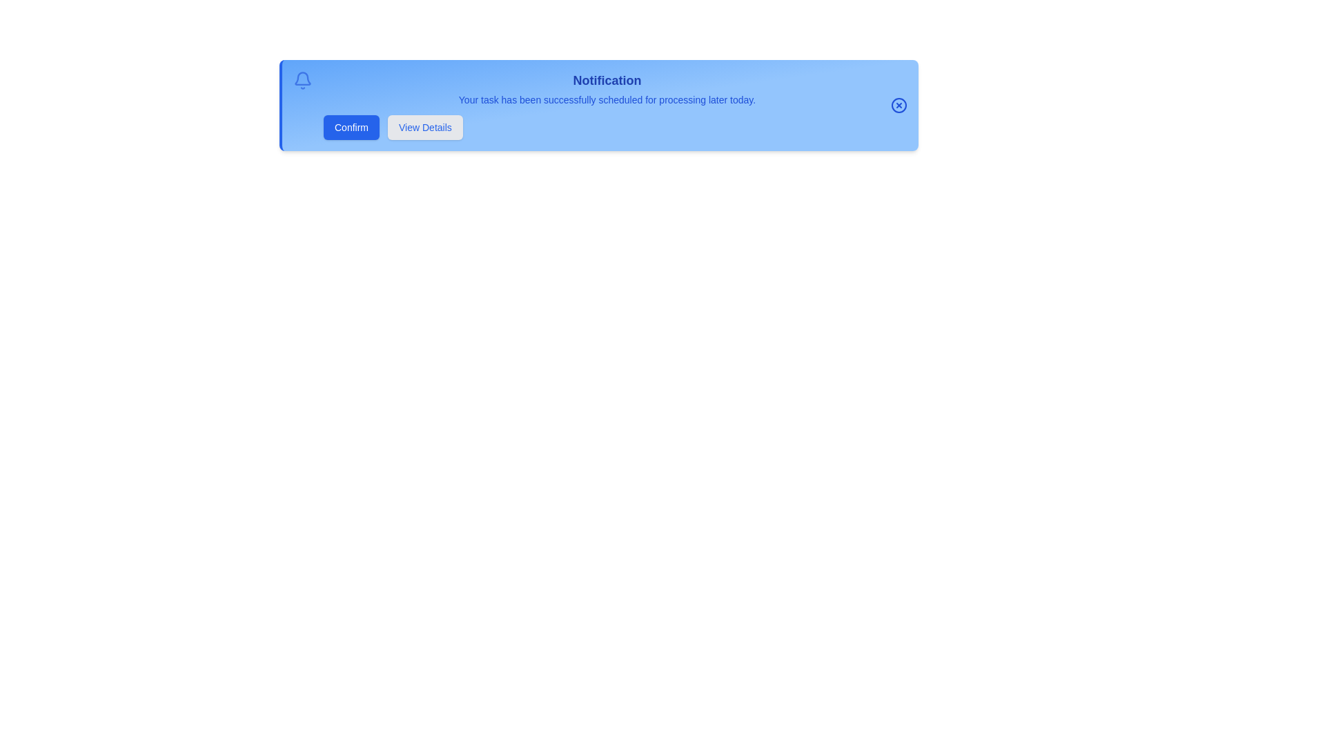  What do you see at coordinates (302, 80) in the screenshot?
I see `the animated bell icon to observe its pulsing animation` at bounding box center [302, 80].